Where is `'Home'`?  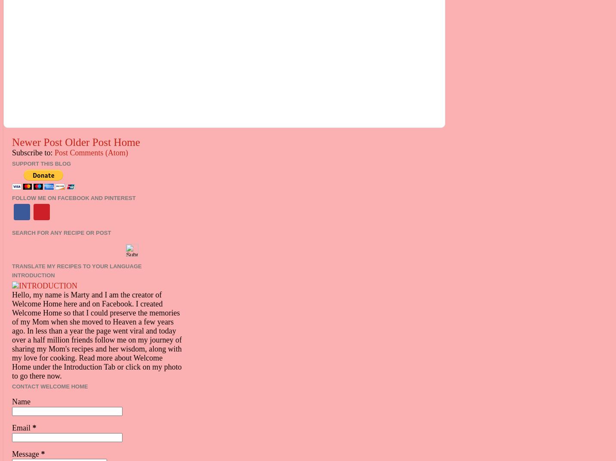
'Home' is located at coordinates (126, 142).